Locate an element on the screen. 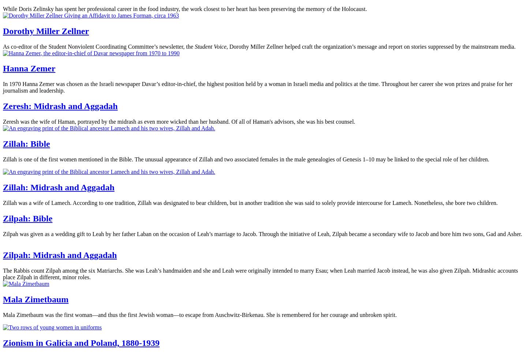 The image size is (527, 355). 'Mala Zimetbaum' is located at coordinates (35, 299).